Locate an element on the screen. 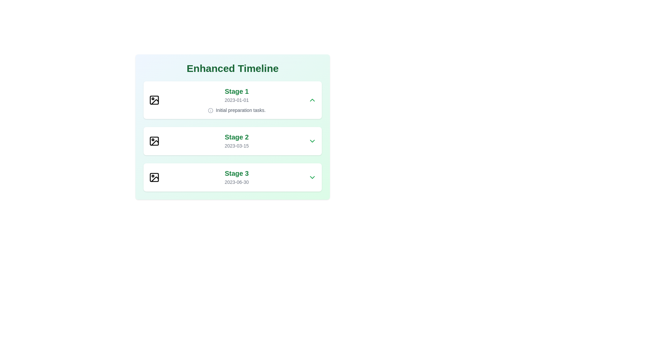 The height and width of the screenshot is (363, 647). the text label displaying 'Stage 1', which is bold and green, positioned above '2023-01-01' is located at coordinates (237, 91).